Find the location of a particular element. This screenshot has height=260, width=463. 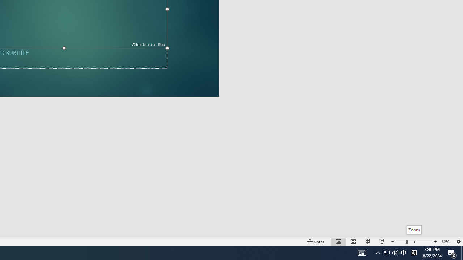

'Zoom 62%' is located at coordinates (446, 242).